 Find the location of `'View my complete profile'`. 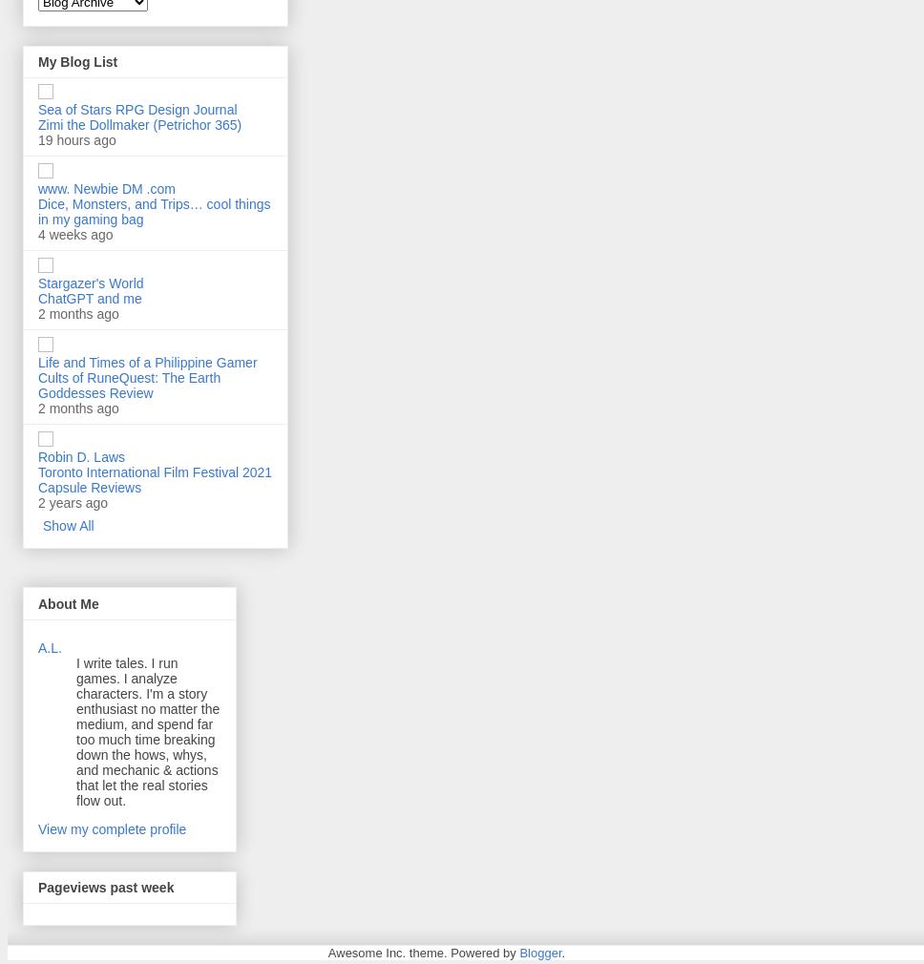

'View my complete profile' is located at coordinates (112, 828).